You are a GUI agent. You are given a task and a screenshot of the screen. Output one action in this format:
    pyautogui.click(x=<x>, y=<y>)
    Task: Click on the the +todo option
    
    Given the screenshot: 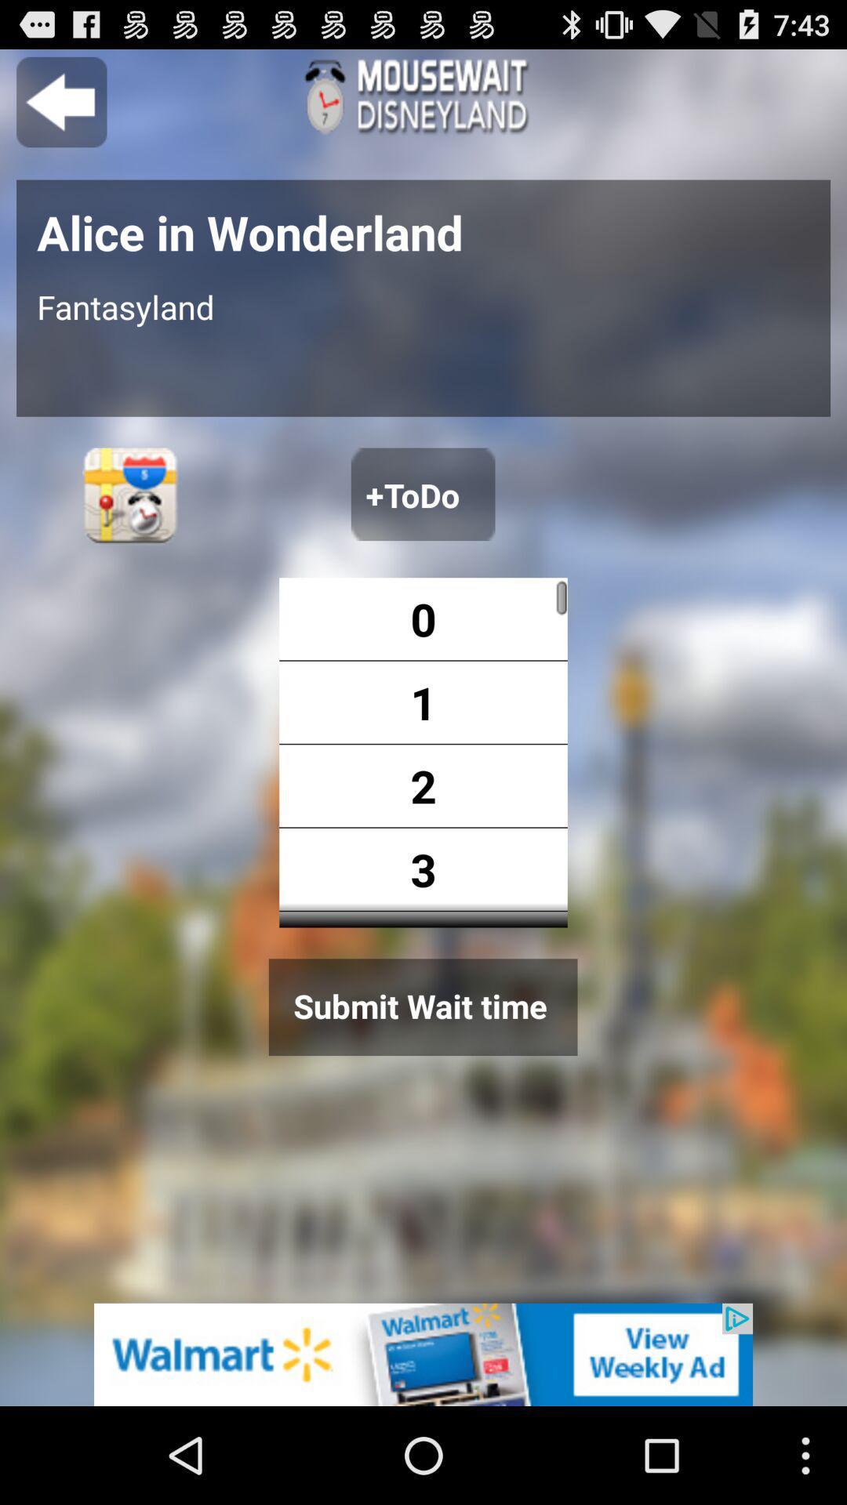 What is the action you would take?
    pyautogui.click(x=422, y=493)
    